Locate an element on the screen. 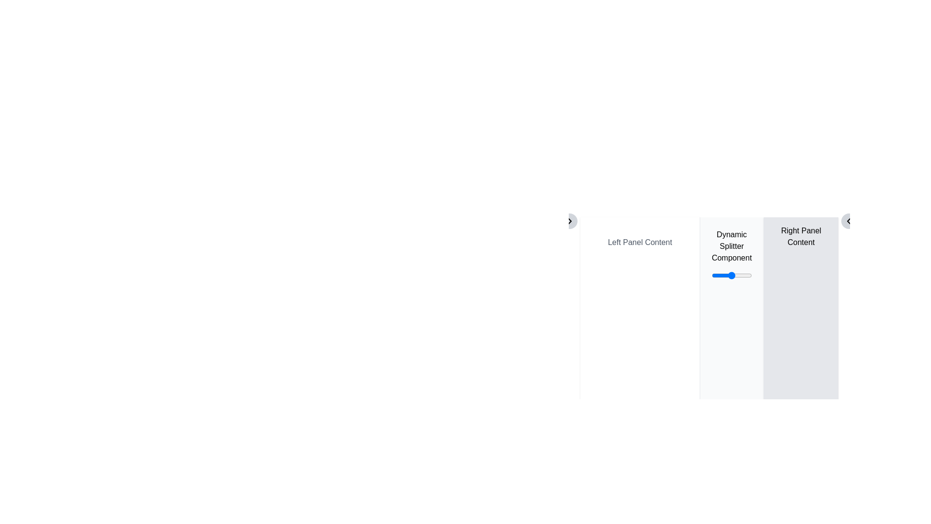  the slider value is located at coordinates (717, 275).